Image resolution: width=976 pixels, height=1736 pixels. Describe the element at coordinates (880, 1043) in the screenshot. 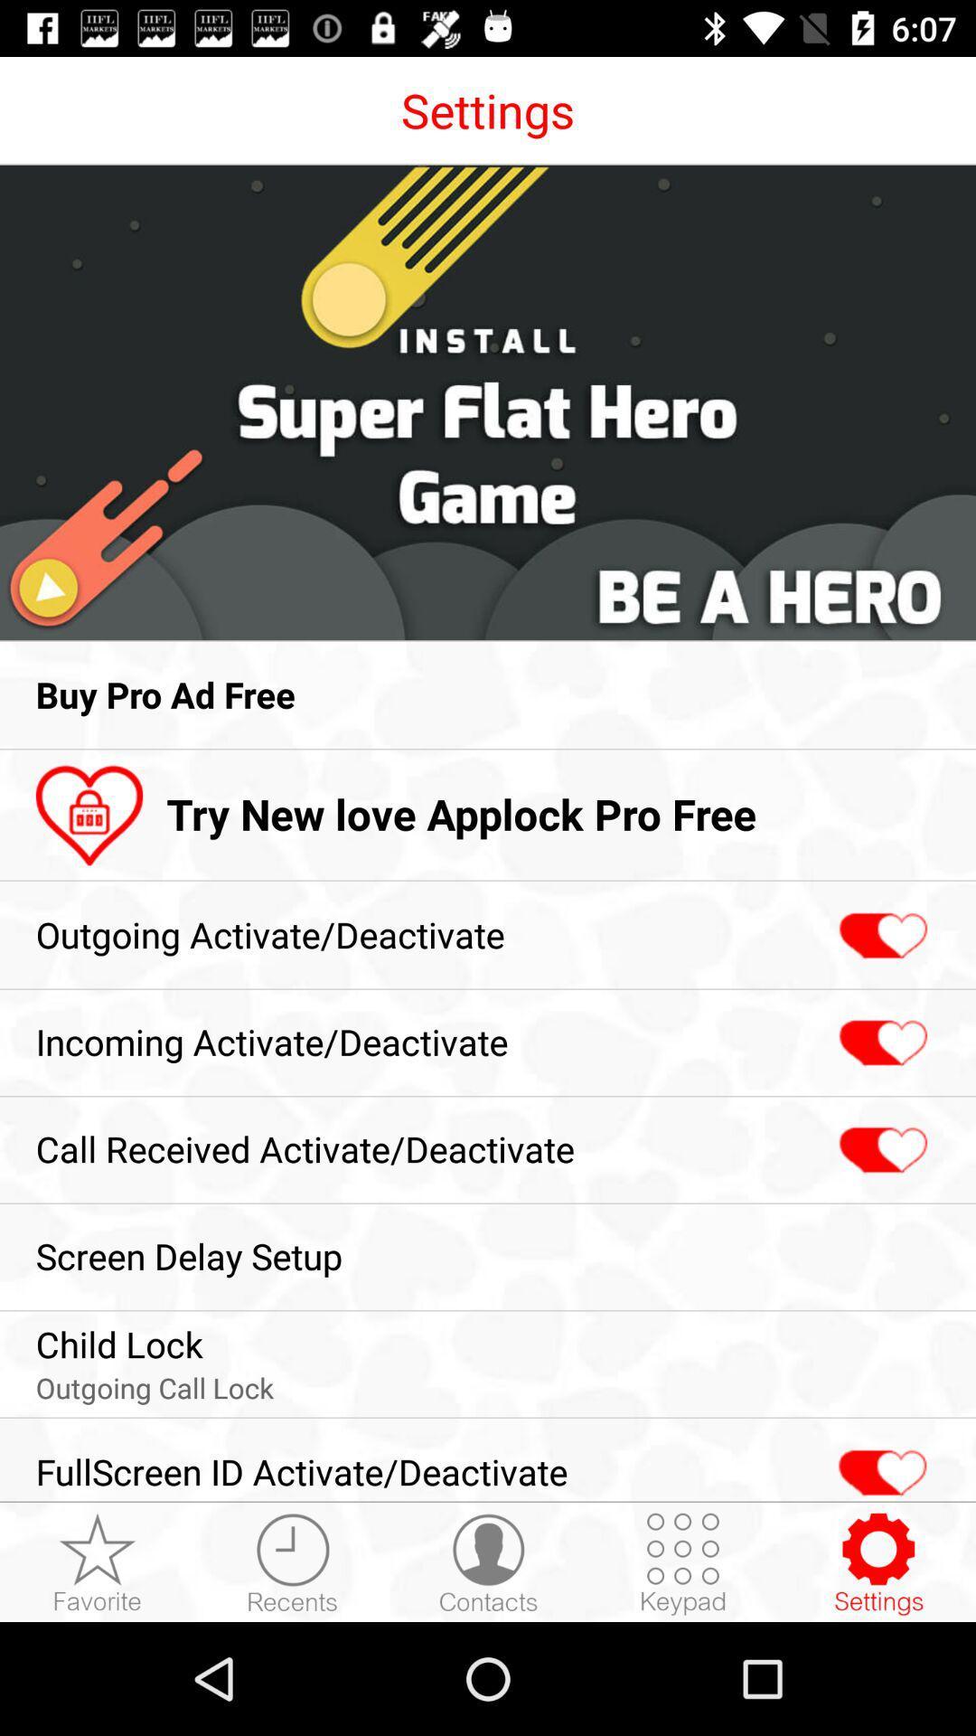

I see `switch incoming option` at that location.